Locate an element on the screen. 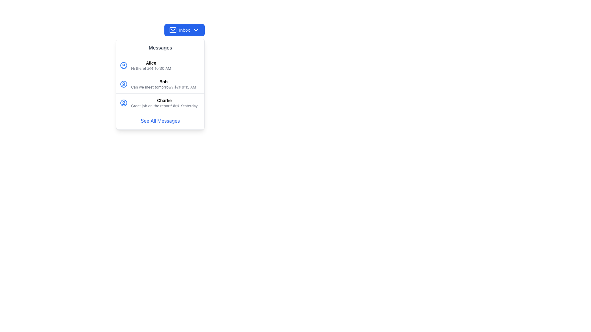 The width and height of the screenshot is (591, 332). the text label that reads 'Great job on the report! • Yesterday', which is styled in light gray and located below the name 'Charlie' in the third message entry is located at coordinates (164, 105).